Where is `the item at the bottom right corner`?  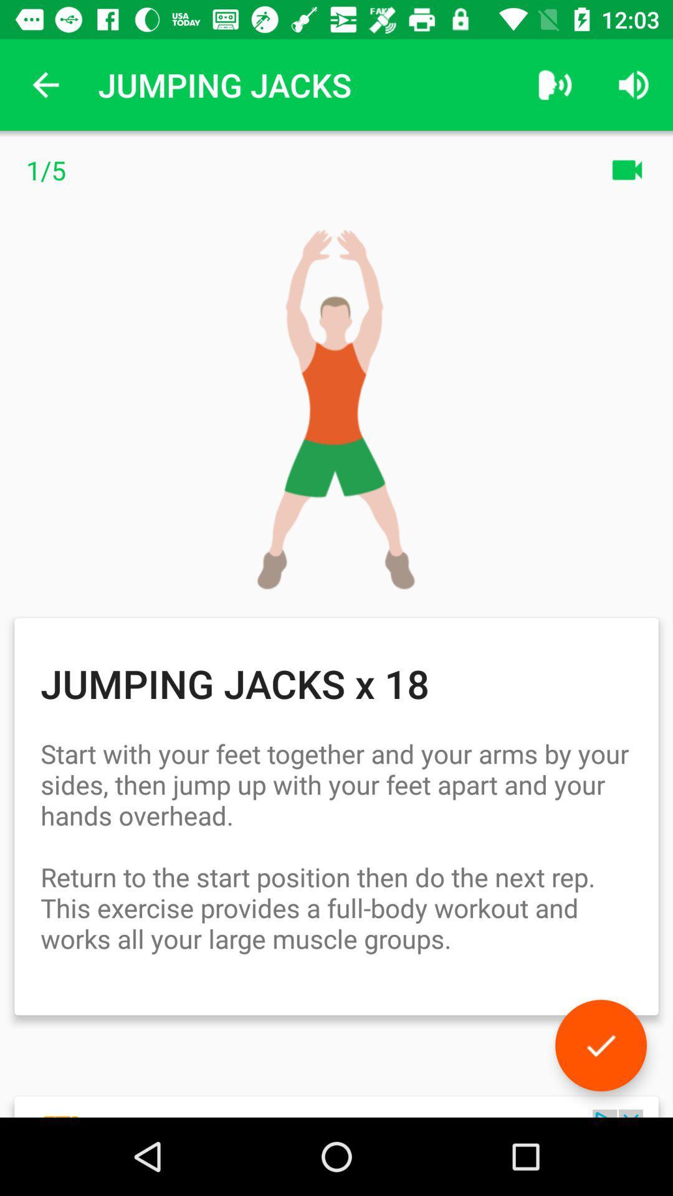
the item at the bottom right corner is located at coordinates (600, 1045).